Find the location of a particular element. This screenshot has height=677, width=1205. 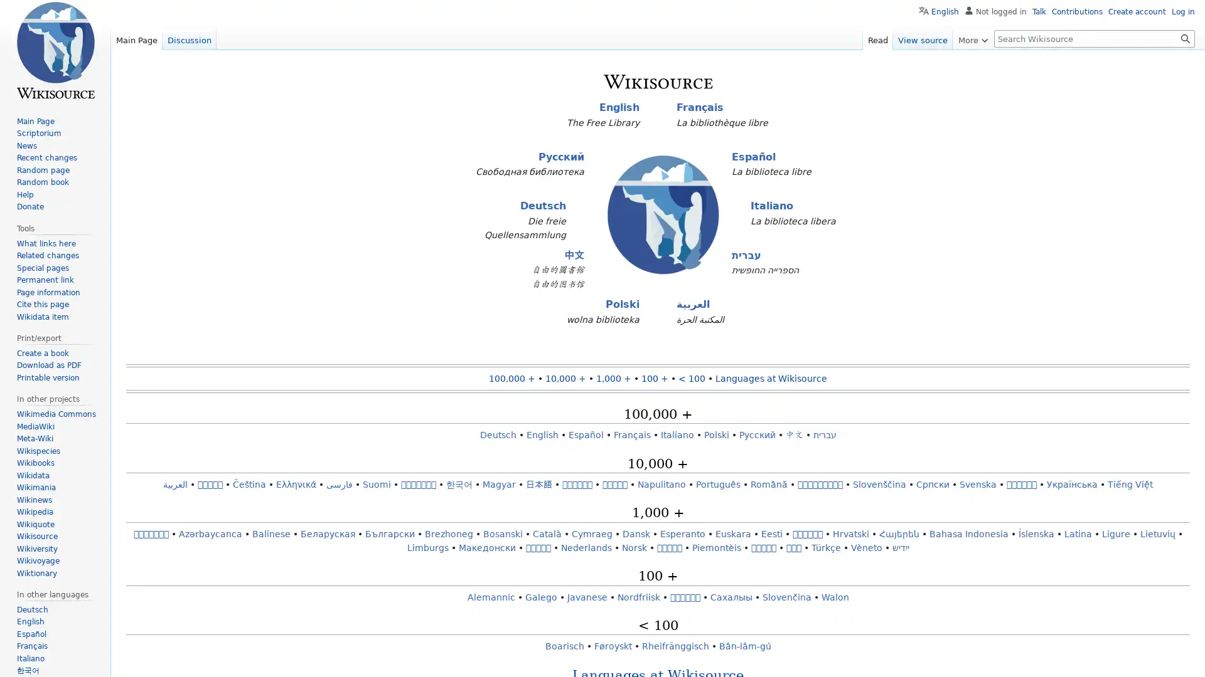

Search is located at coordinates (1185, 38).